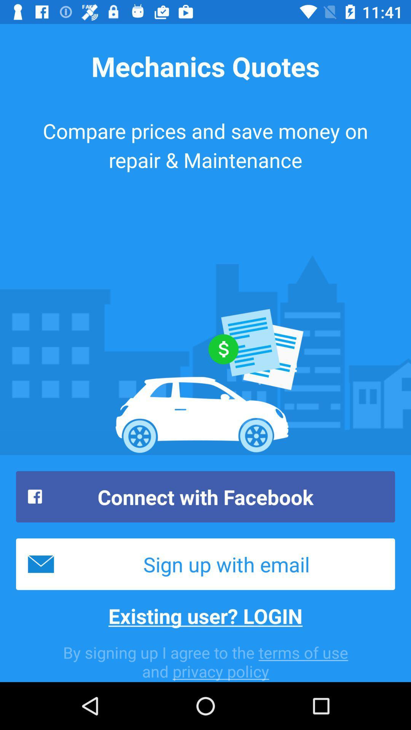 The height and width of the screenshot is (730, 411). What do you see at coordinates (205, 497) in the screenshot?
I see `the connect with facebook icon` at bounding box center [205, 497].